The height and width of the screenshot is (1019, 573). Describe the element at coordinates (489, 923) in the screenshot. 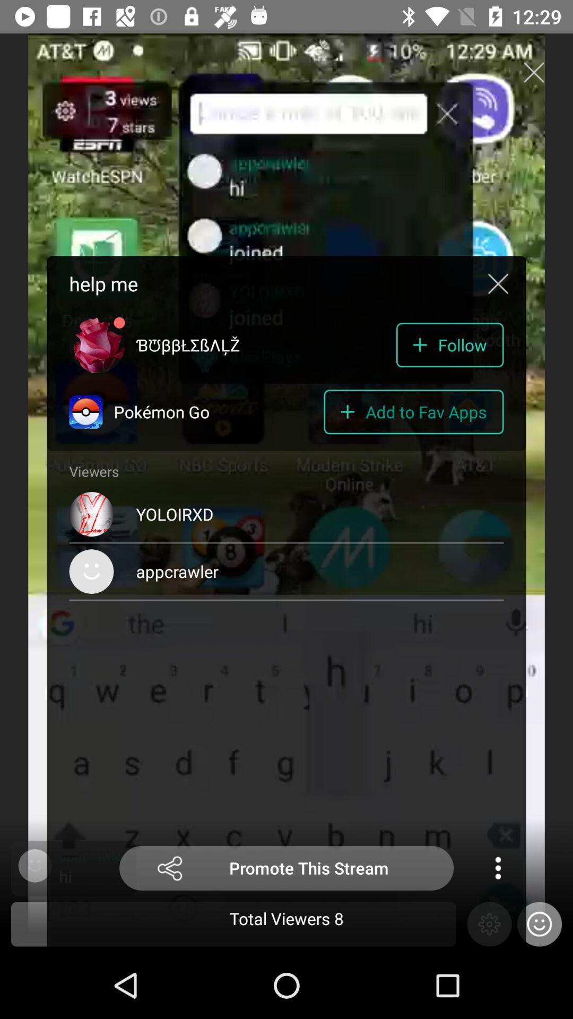

I see `the settings icon` at that location.